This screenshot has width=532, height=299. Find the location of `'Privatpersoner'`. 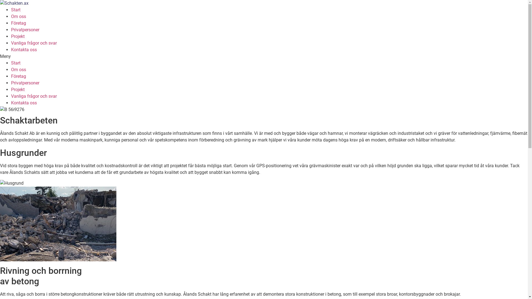

'Privatpersoner' is located at coordinates (25, 30).